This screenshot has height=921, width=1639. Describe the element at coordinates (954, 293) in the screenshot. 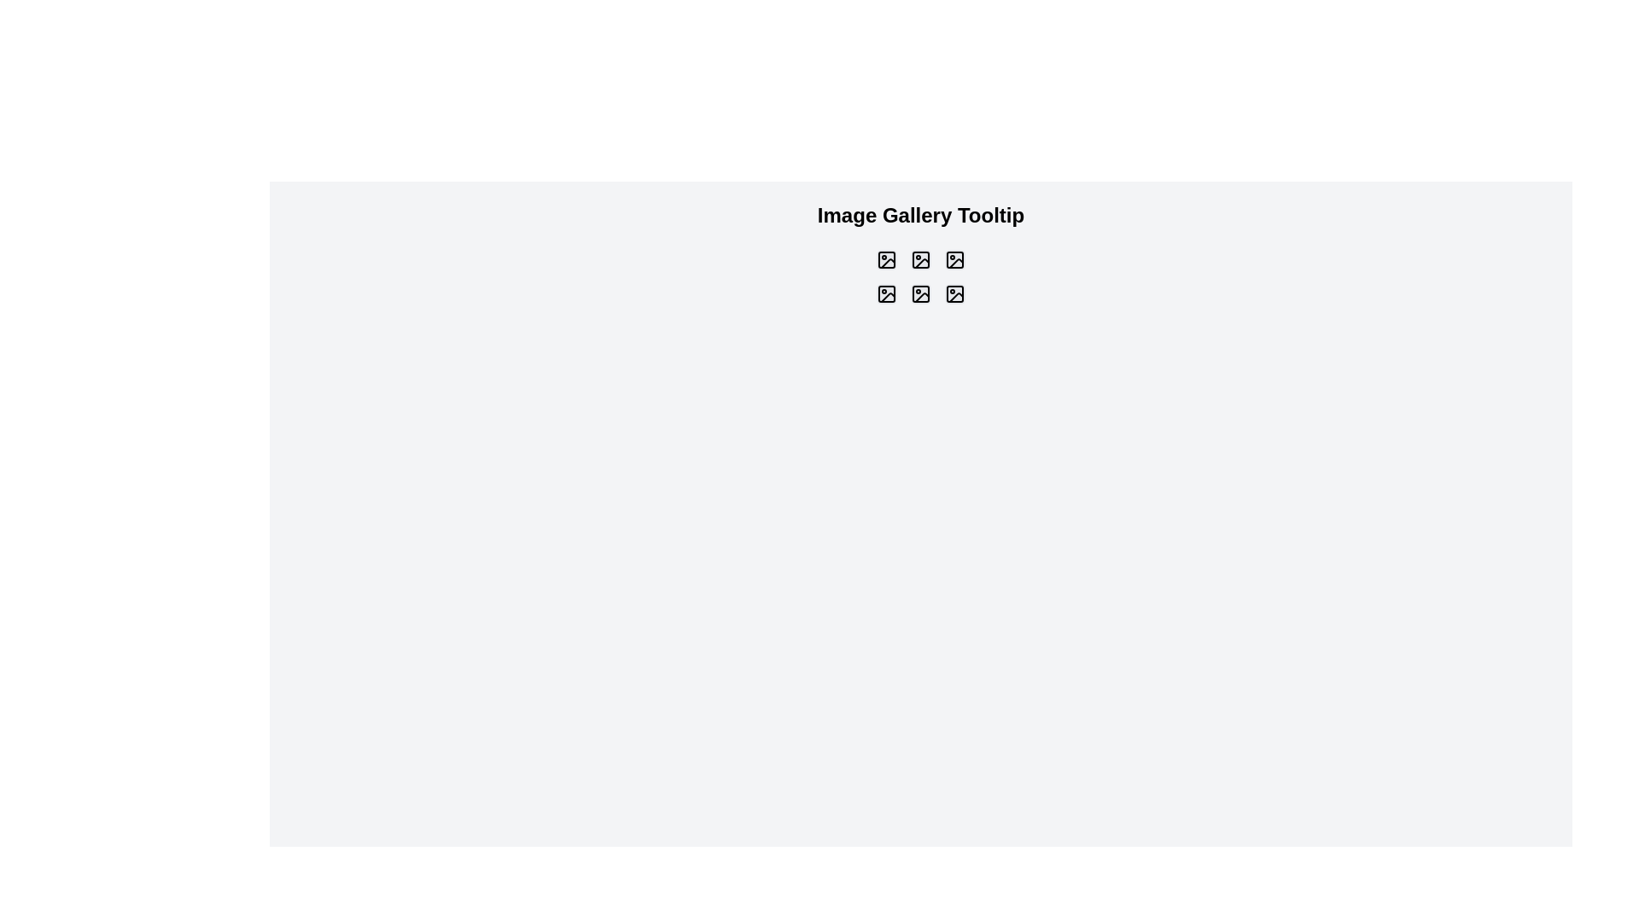

I see `the last icon button in the third row of the grid layout, which is located at the bottom-right position` at that location.